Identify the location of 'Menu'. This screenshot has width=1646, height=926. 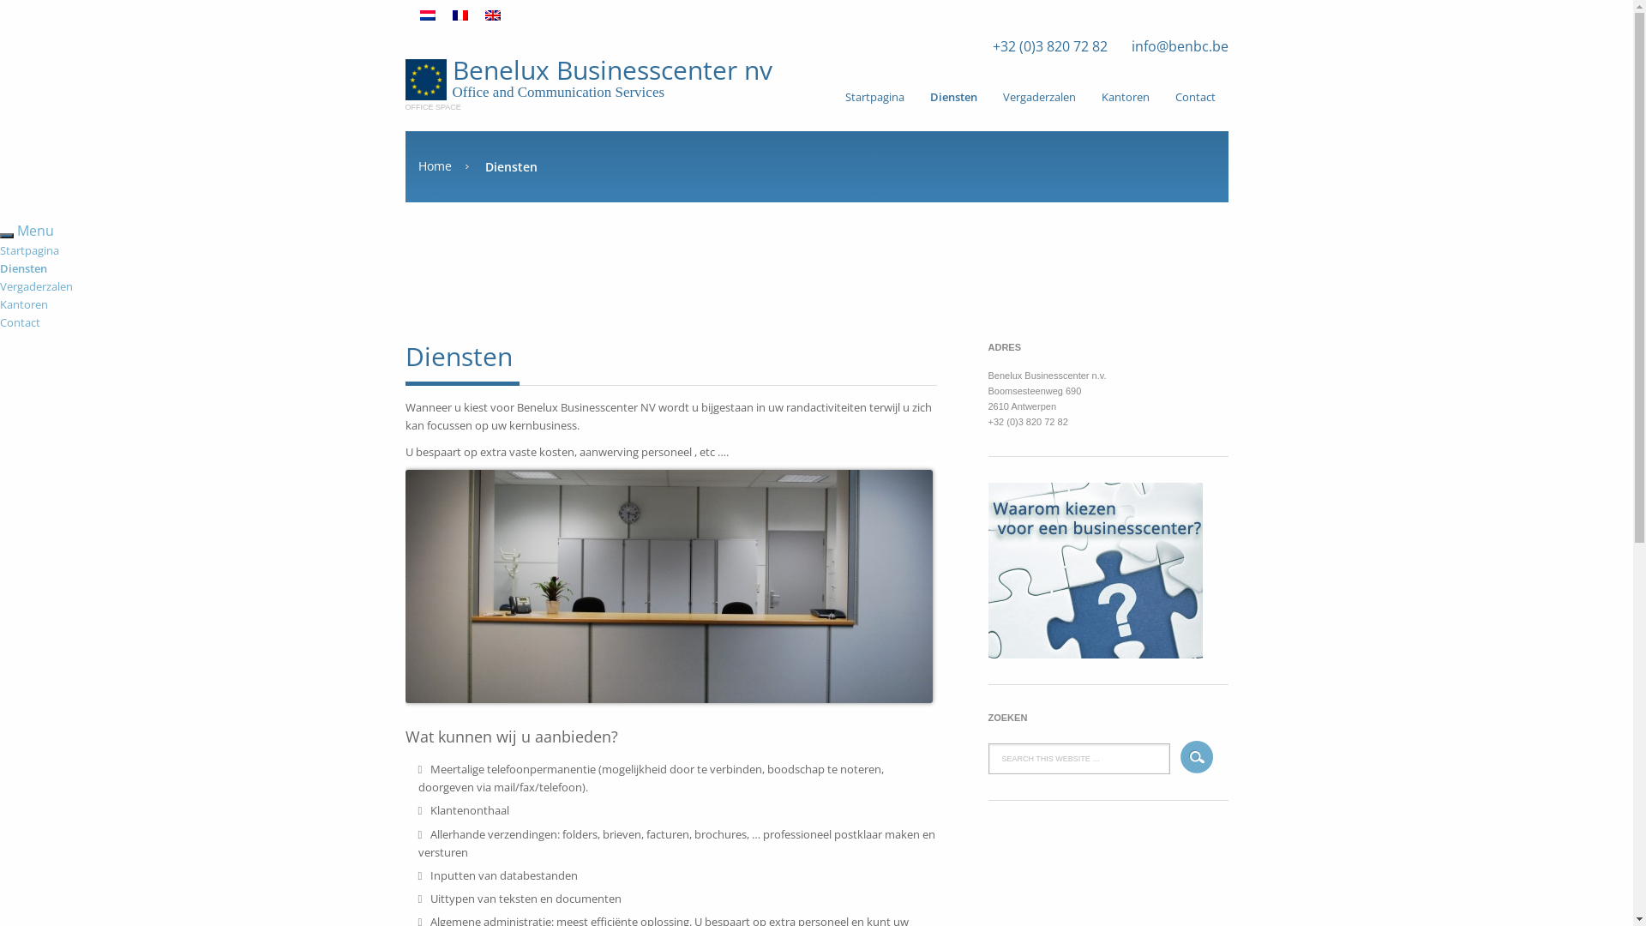
(35, 230).